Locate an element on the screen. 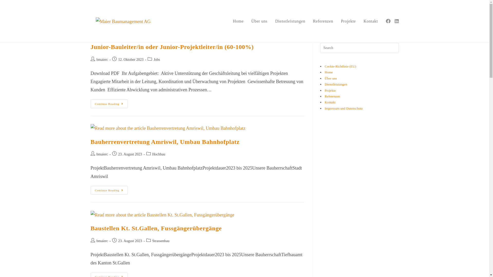  'bmaierc' is located at coordinates (102, 241).